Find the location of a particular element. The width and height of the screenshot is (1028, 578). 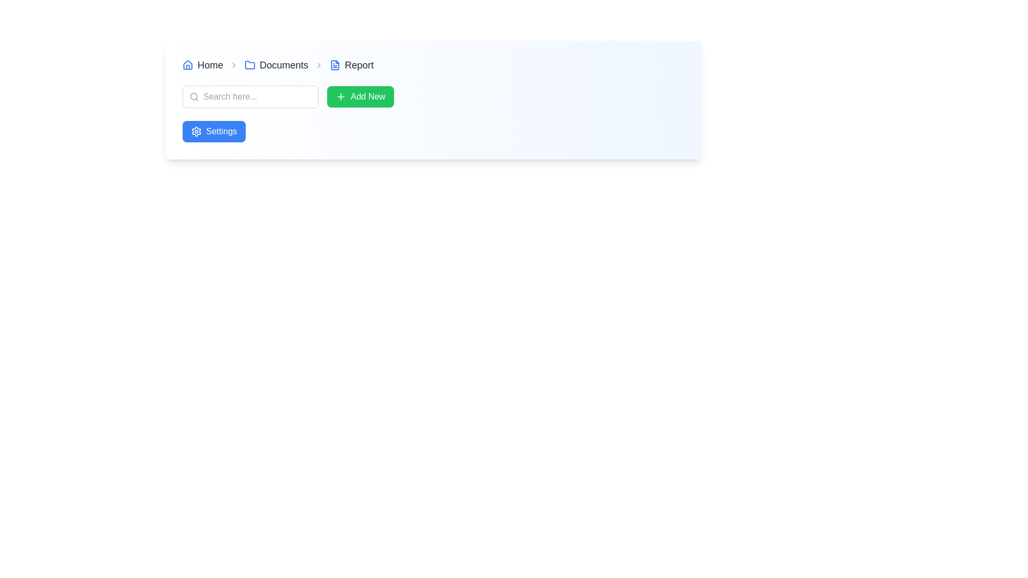

the 'Settings' label, which indicates the functionality of the settings button, located beside a settings icon with a blue background is located at coordinates (221, 131).